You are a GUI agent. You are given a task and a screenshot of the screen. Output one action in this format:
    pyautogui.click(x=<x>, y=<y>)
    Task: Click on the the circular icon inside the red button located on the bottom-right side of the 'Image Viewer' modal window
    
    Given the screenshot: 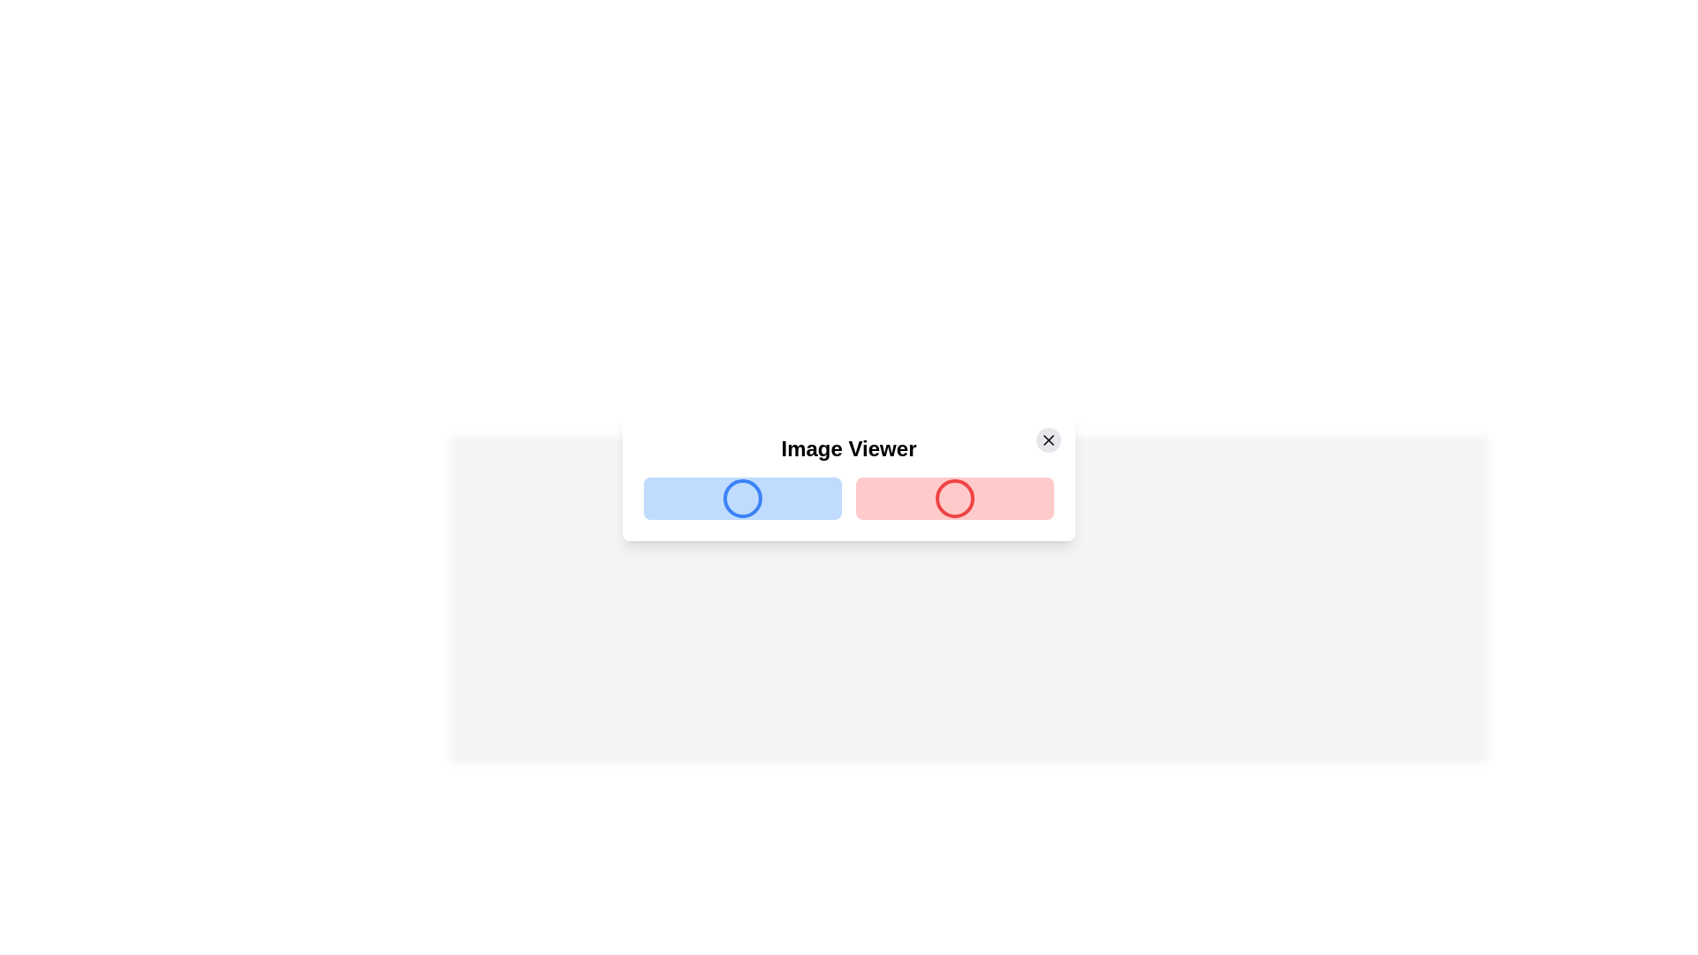 What is the action you would take?
    pyautogui.click(x=954, y=498)
    